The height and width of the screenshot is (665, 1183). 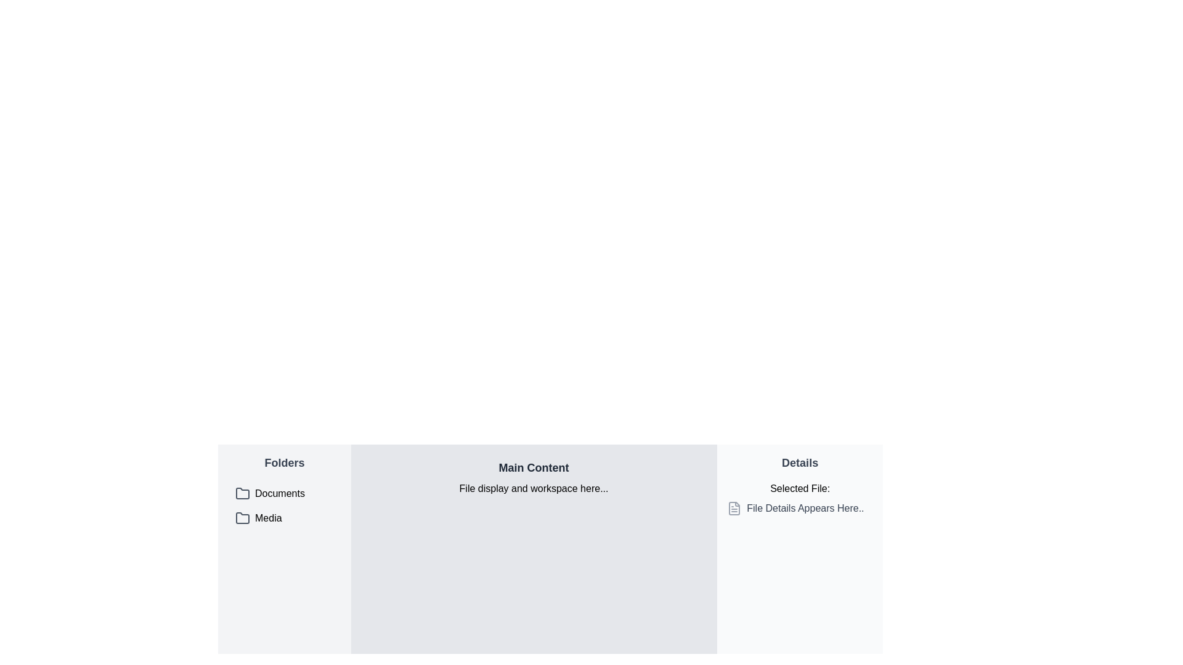 What do you see at coordinates (283, 463) in the screenshot?
I see `the 'Folders' text label, which is styled in bold and medium-large size, located at the top-left corner of the side menu` at bounding box center [283, 463].